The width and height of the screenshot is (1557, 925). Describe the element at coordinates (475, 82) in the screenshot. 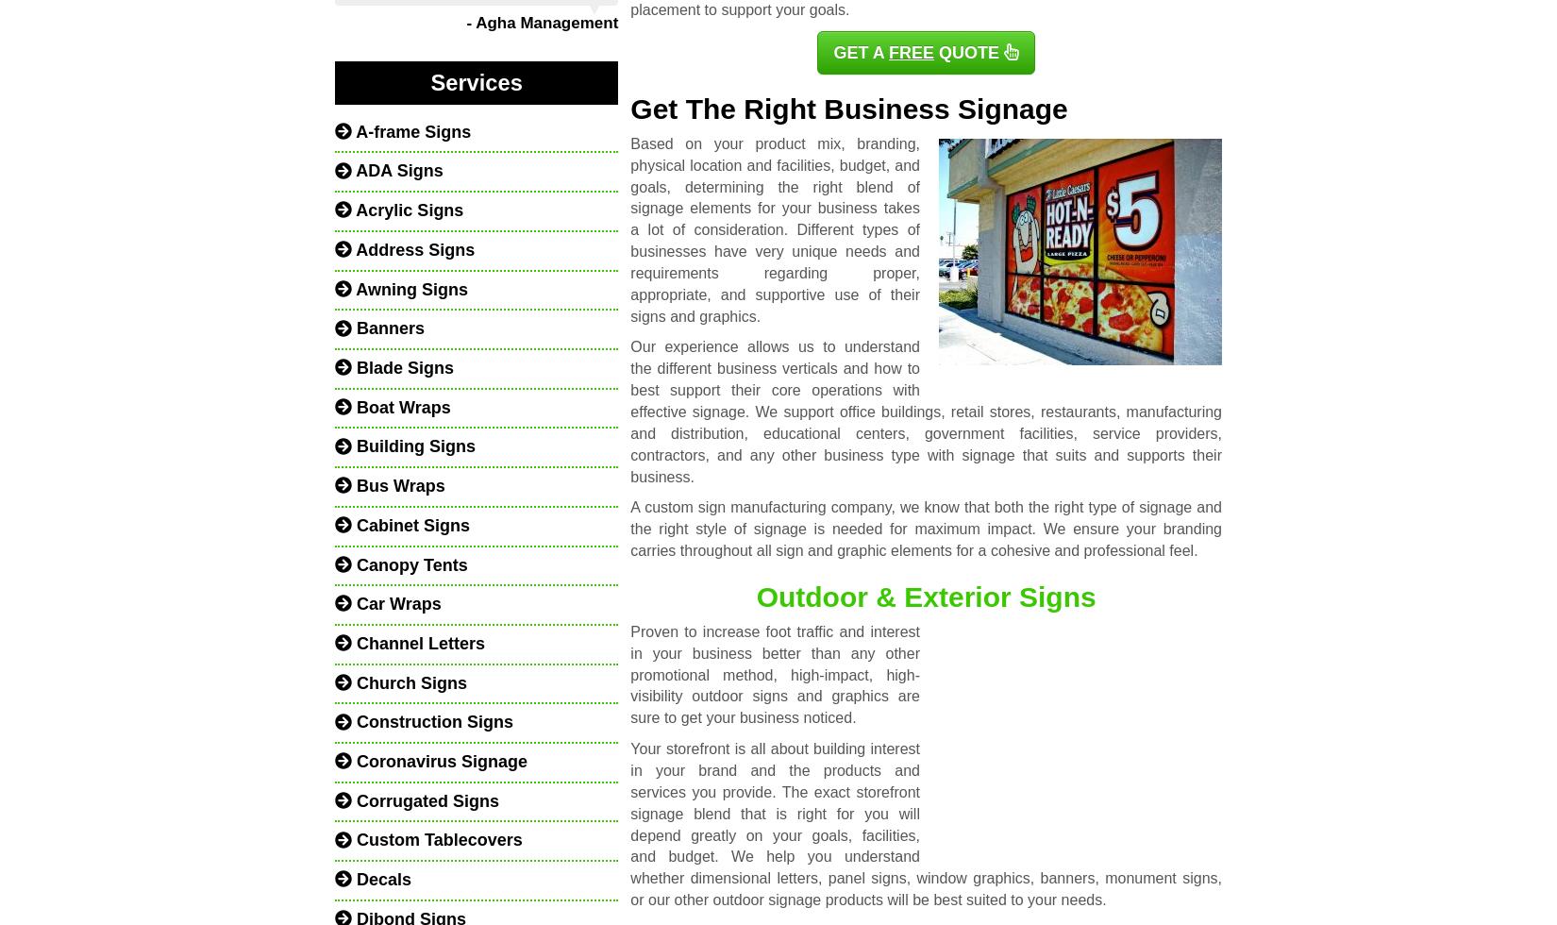

I see `'Services'` at that location.